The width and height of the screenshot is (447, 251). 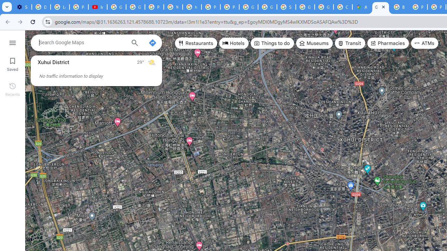 What do you see at coordinates (41, 7) in the screenshot?
I see `'Delete photos & videos - Computer - Google Photos Help'` at bounding box center [41, 7].